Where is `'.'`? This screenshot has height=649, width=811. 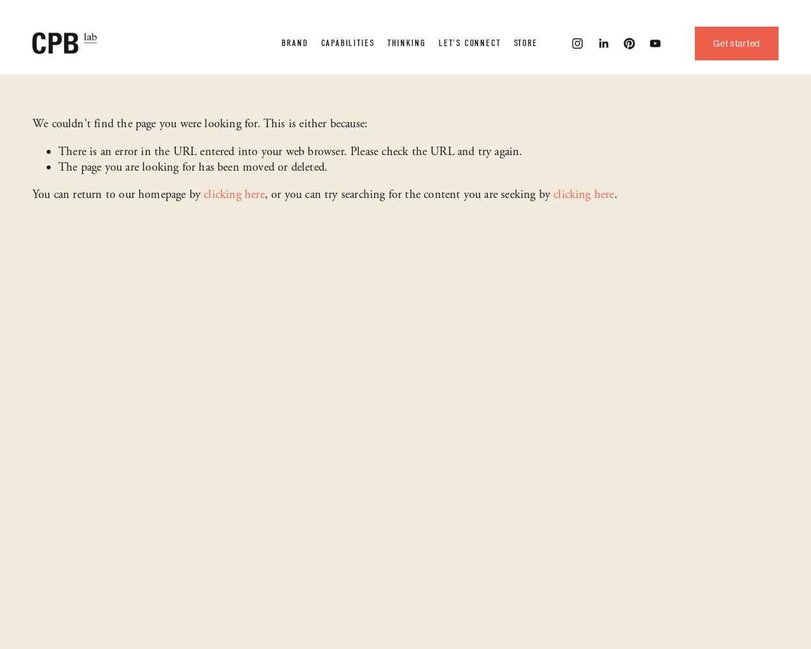 '.' is located at coordinates (614, 195).